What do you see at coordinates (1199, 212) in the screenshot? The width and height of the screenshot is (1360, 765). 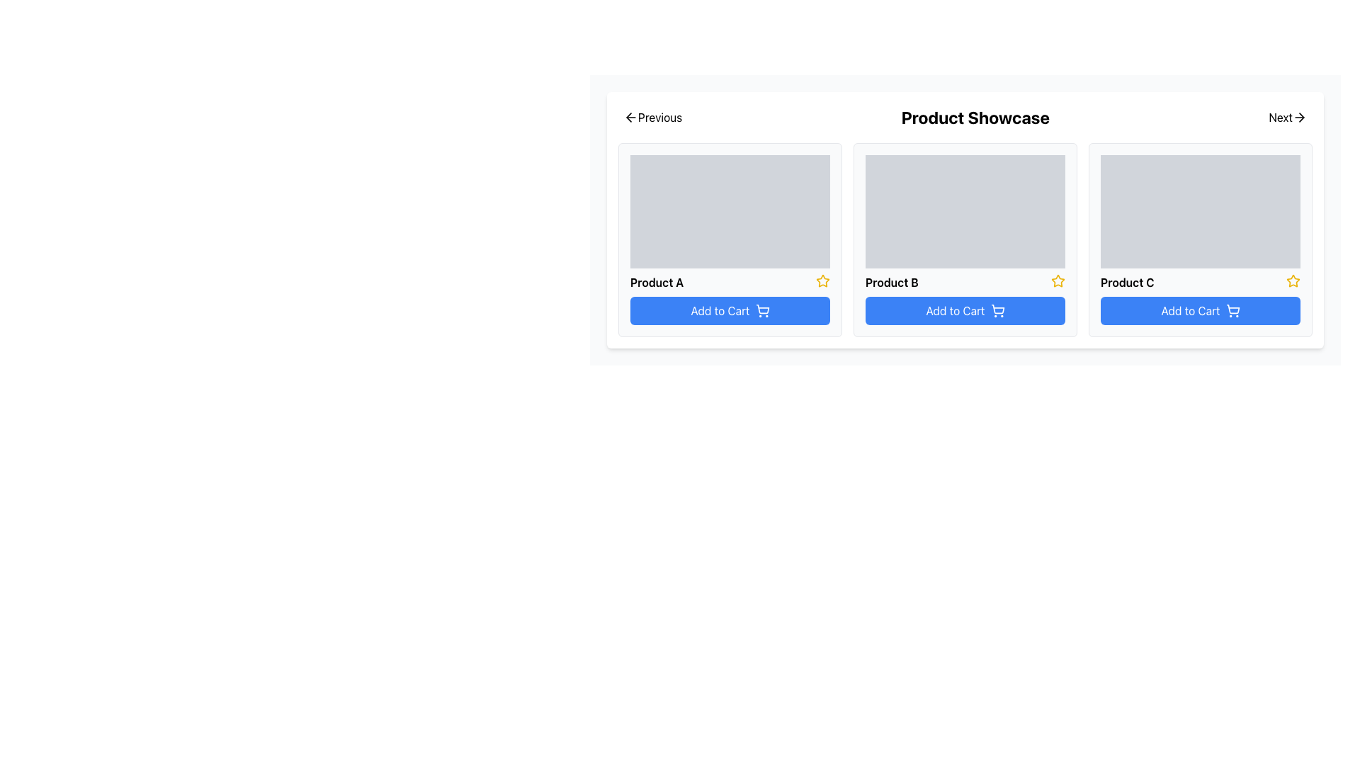 I see `the rectangular image placeholder with a light gray background located on the product card labeled 'Product C', which is the third card in the series of product cards` at bounding box center [1199, 212].